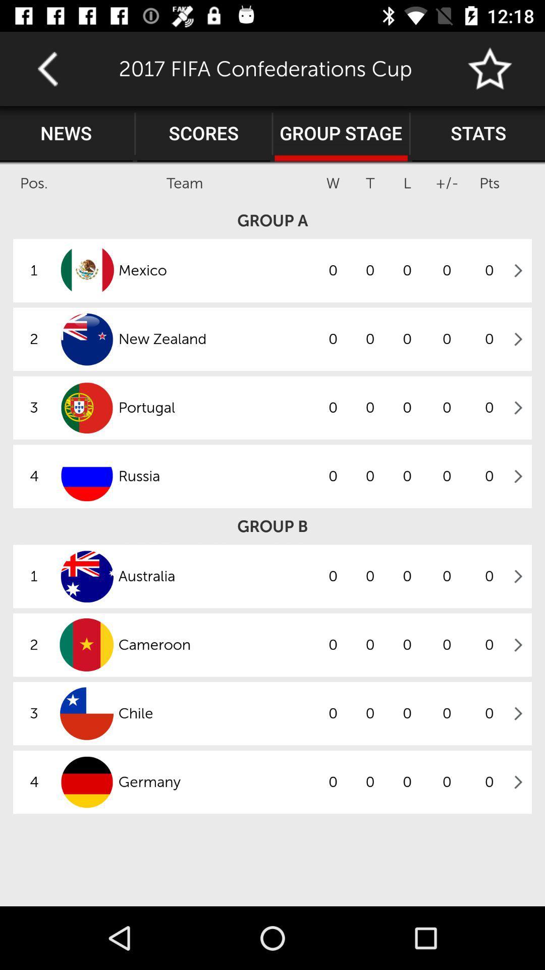 The width and height of the screenshot is (545, 970). Describe the element at coordinates (215, 644) in the screenshot. I see `item next to 0` at that location.